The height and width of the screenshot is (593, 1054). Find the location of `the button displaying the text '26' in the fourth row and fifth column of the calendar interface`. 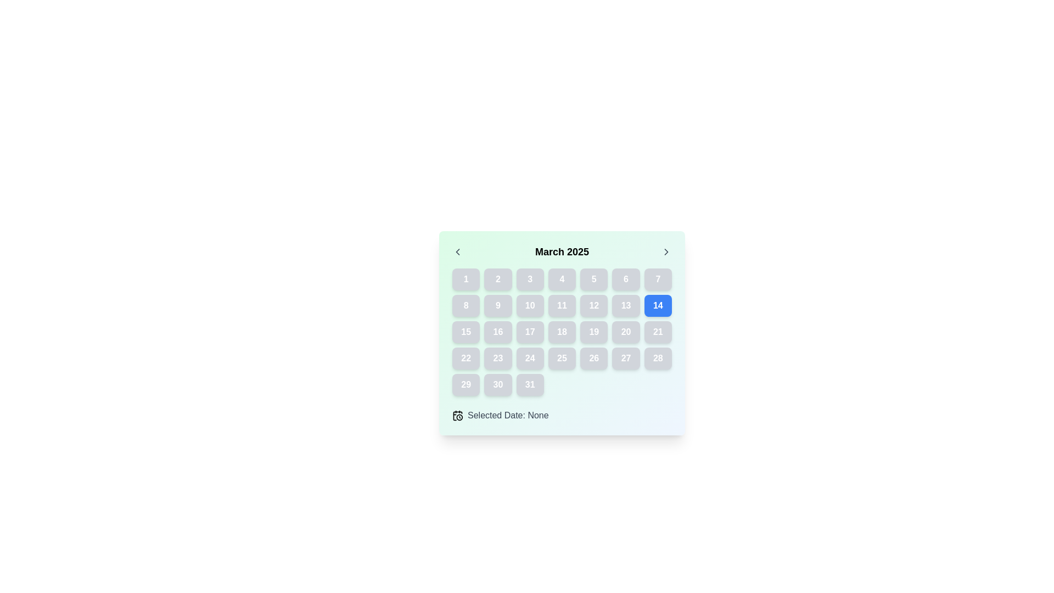

the button displaying the text '26' in the fourth row and fifth column of the calendar interface is located at coordinates (593, 358).